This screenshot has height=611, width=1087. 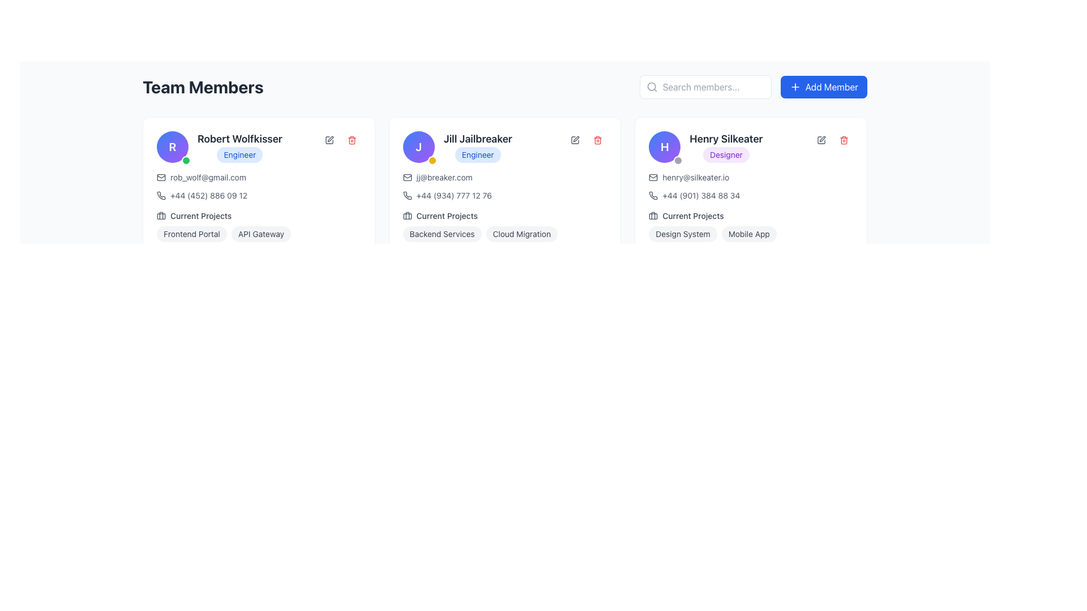 I want to click on the 'Add Member' button, which has a blue background, white text, and a plus sign icon, located in the upper-right section of the interface, so click(x=824, y=87).